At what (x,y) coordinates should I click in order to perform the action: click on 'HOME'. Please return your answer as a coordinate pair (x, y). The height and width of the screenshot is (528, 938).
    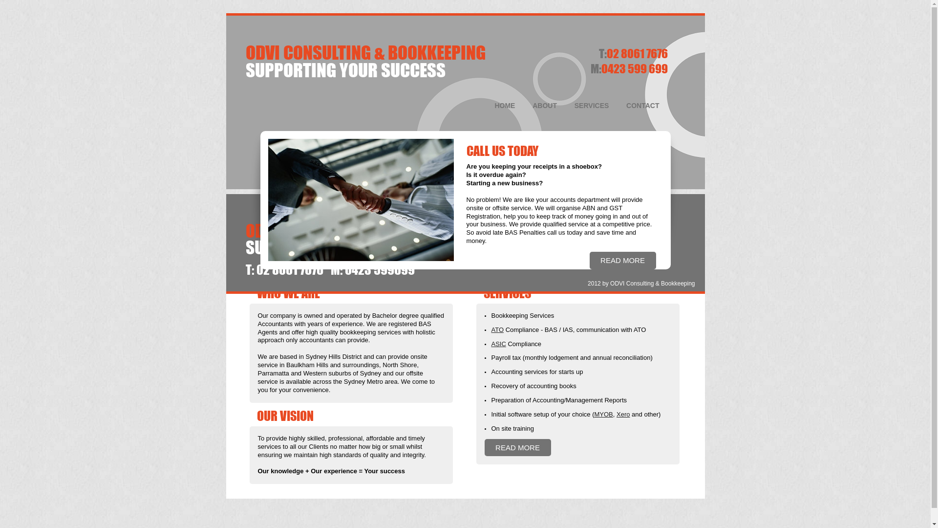
    Looking at the image, I should click on (505, 106).